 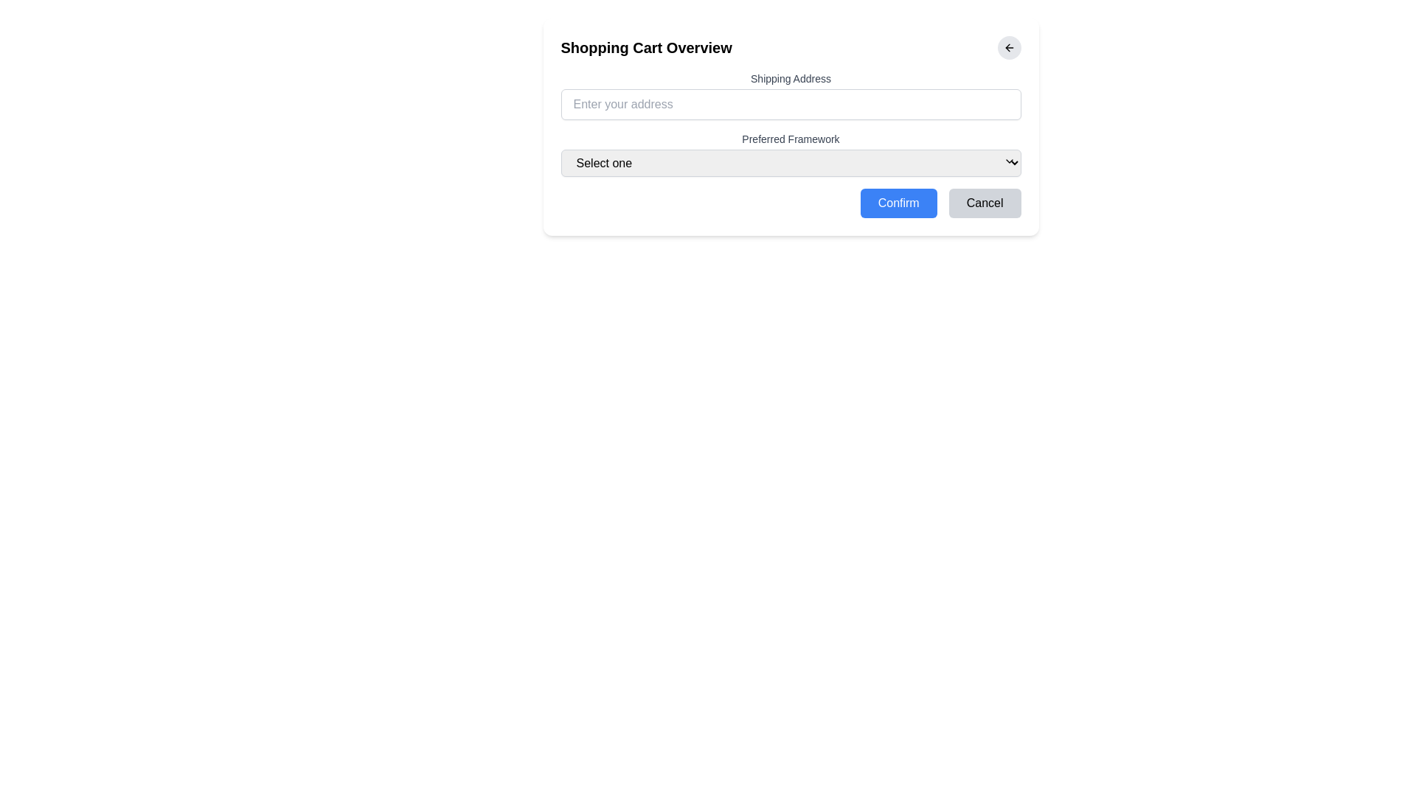 What do you see at coordinates (790, 154) in the screenshot?
I see `the Dropdown Menu located below the 'Shipping Address' section` at bounding box center [790, 154].